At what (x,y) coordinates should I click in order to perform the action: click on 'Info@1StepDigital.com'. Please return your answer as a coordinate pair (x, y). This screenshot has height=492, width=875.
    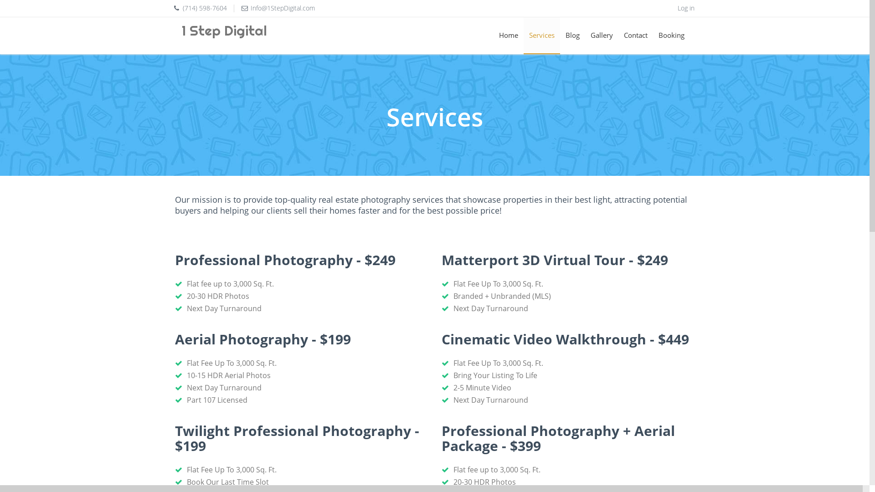
    Looking at the image, I should click on (251, 8).